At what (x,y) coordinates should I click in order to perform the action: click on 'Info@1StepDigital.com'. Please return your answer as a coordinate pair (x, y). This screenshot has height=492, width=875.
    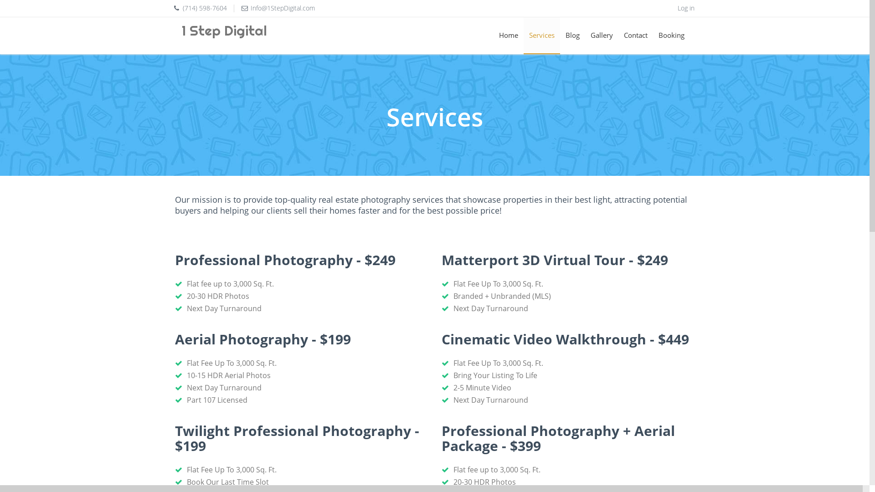
    Looking at the image, I should click on (251, 8).